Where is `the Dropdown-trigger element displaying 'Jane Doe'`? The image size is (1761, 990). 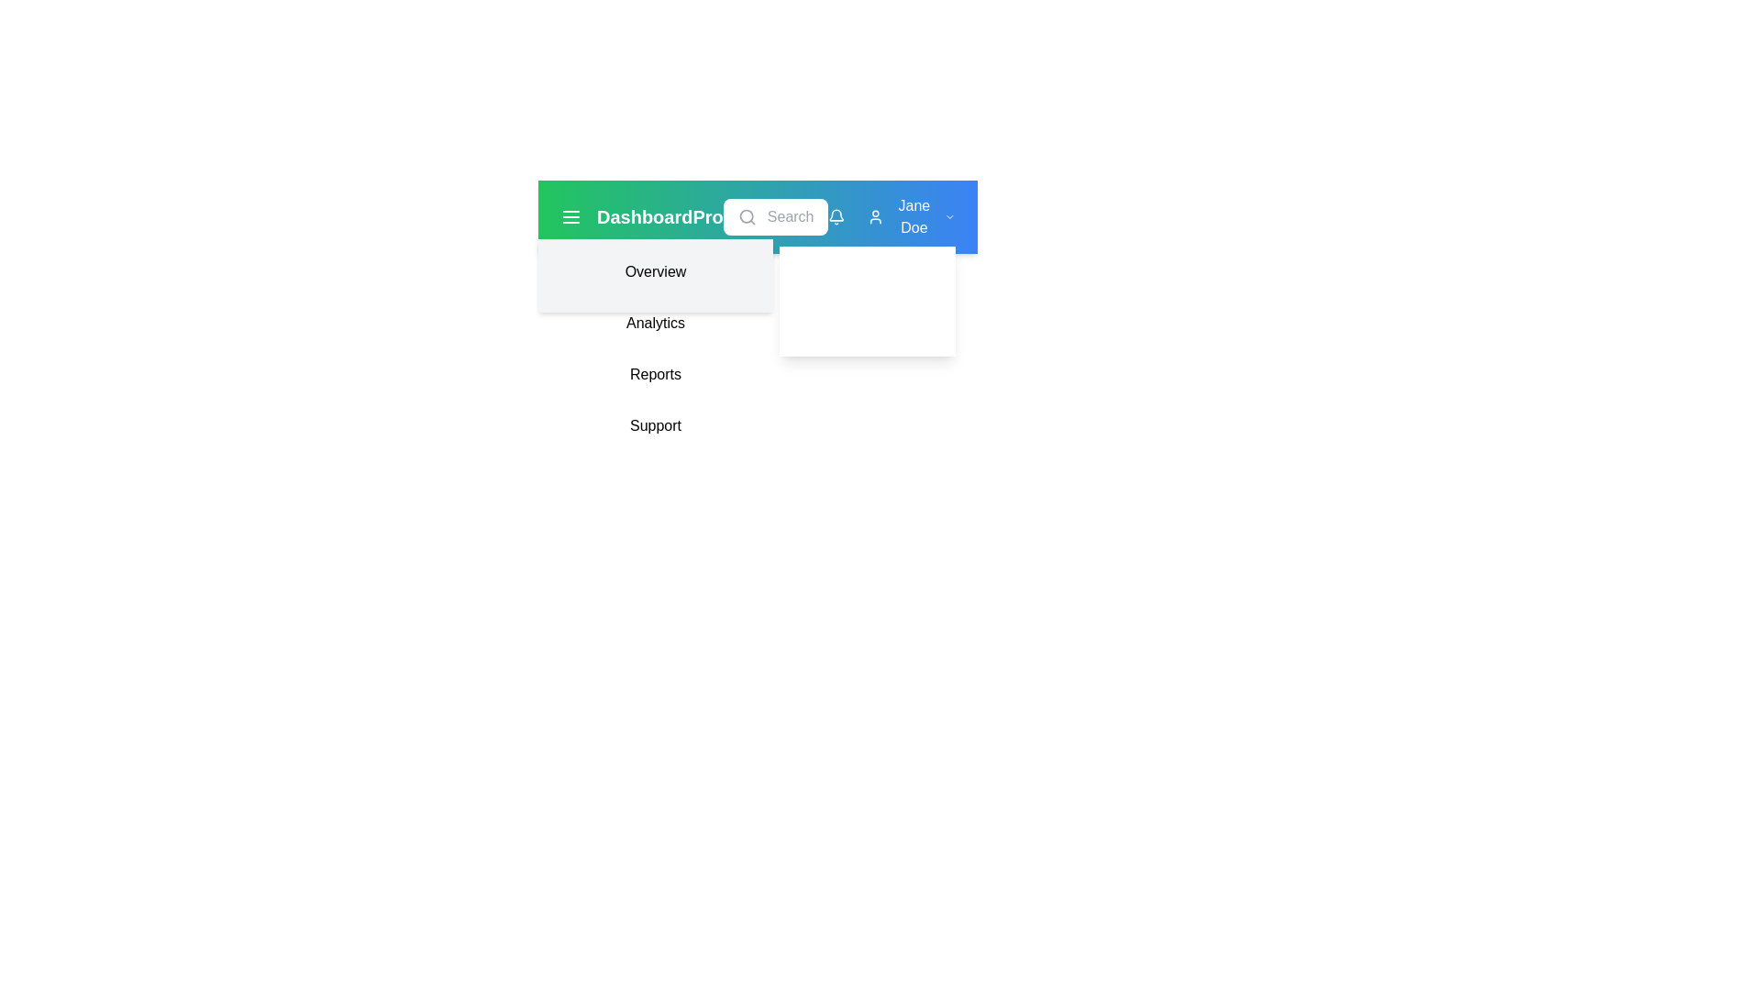
the Dropdown-trigger element displaying 'Jane Doe' is located at coordinates (911, 215).